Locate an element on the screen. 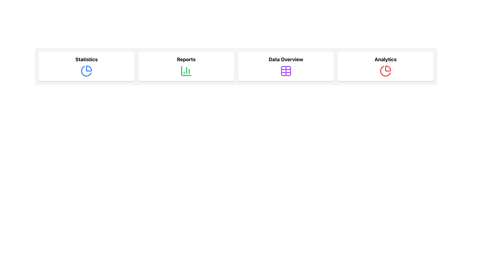 The height and width of the screenshot is (271, 483). the card with the bold text 'Data Overview' and a purple grid icon beneath it, which is the third card in the grid layout is located at coordinates (286, 66).